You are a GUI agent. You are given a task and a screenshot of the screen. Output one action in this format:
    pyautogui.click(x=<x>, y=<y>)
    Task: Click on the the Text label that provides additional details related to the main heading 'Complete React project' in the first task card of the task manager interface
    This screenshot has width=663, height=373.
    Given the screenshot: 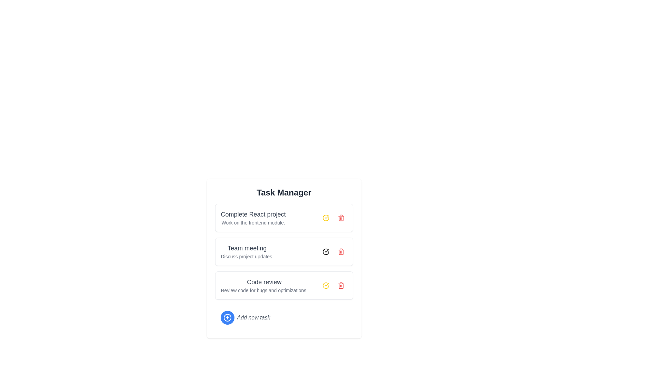 What is the action you would take?
    pyautogui.click(x=253, y=222)
    